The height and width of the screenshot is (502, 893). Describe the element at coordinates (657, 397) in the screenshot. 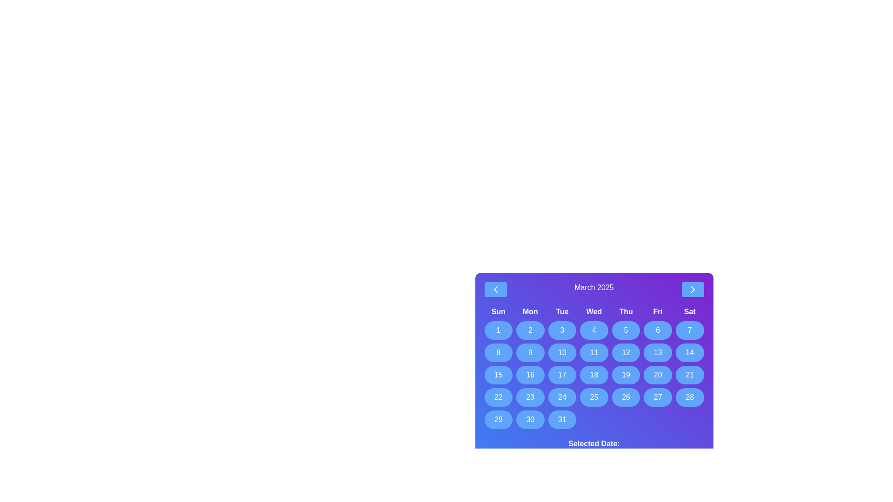

I see `the circular button with a light blue background and the text '27'` at that location.